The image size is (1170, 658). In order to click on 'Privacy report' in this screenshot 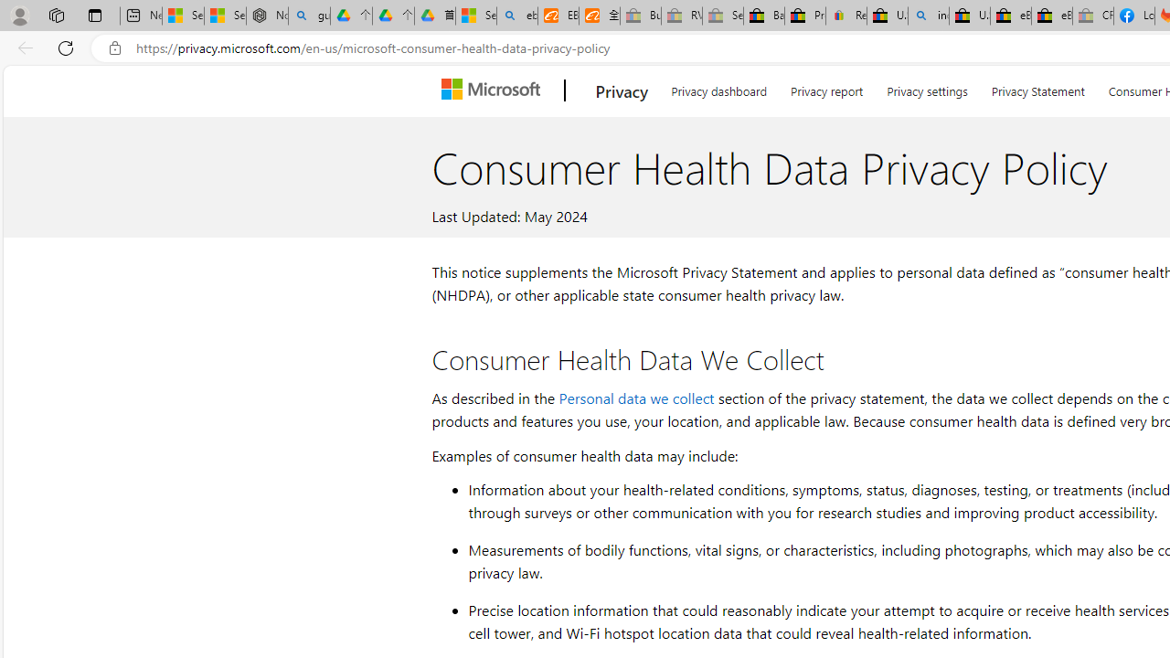, I will do `click(825, 88)`.